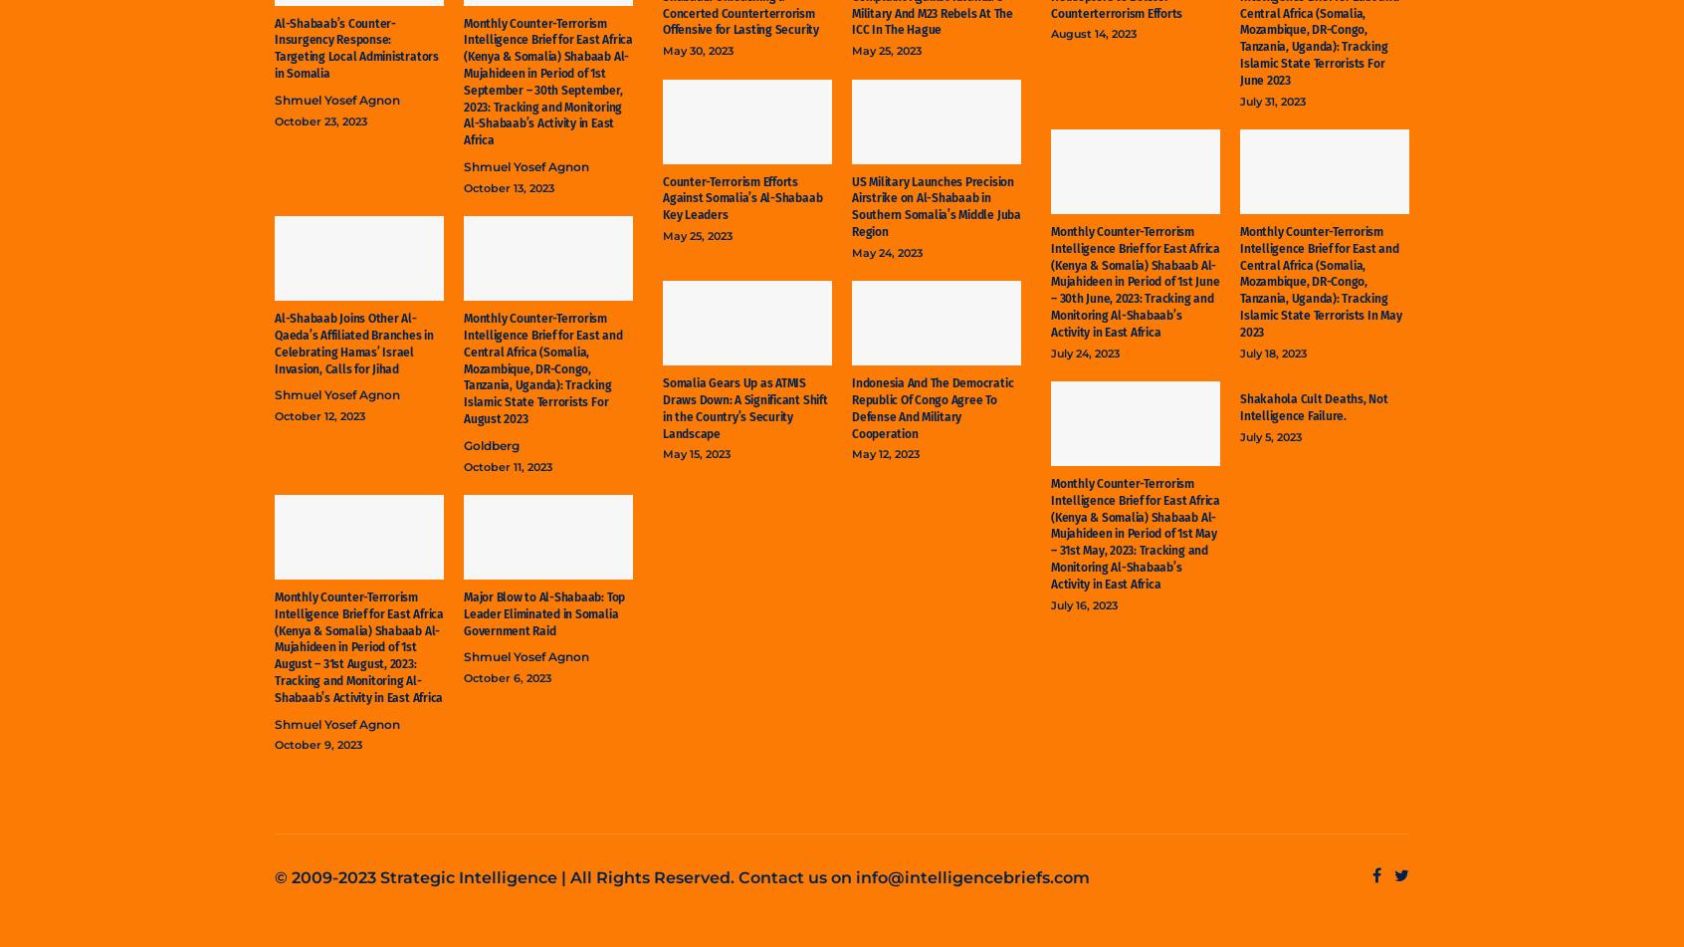 The height and width of the screenshot is (947, 1684). I want to click on 'Goldberg', so click(462, 444).